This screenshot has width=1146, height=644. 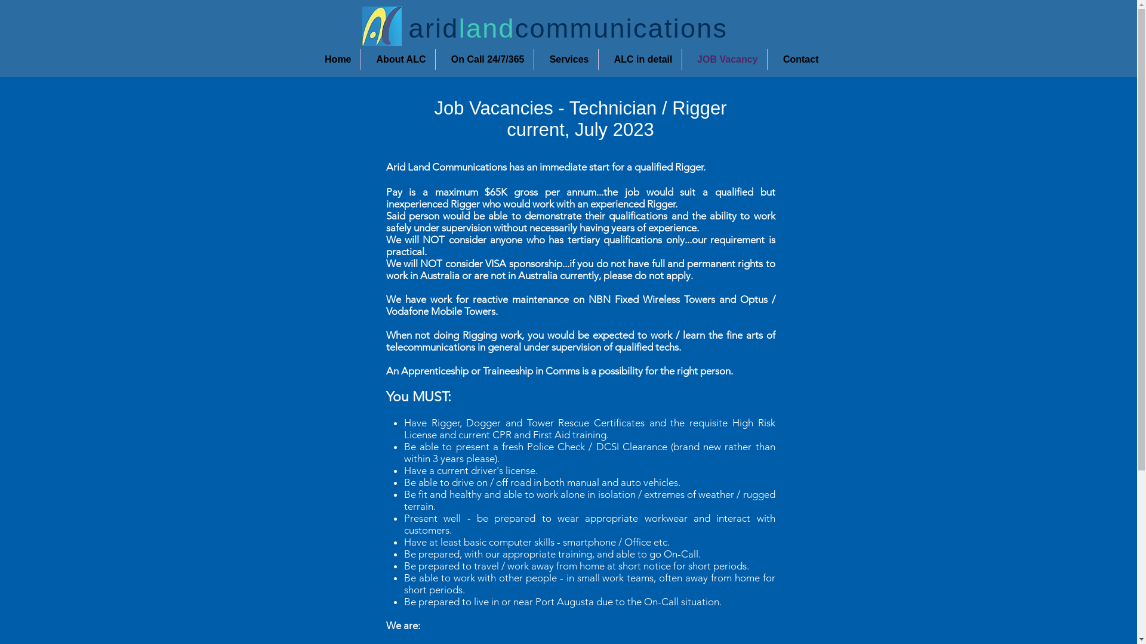 I want to click on 'JOB Vacancy', so click(x=682, y=59).